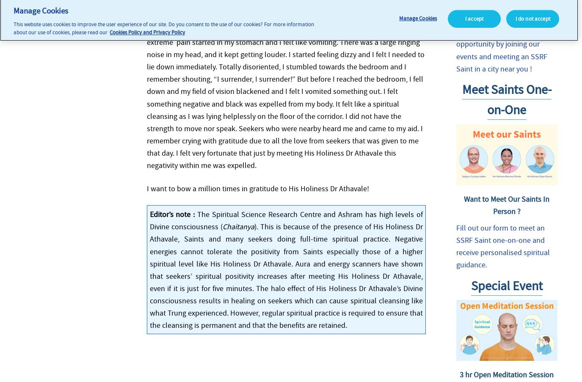 The width and height of the screenshot is (582, 382). I want to click on 'Want to Meet Our Saints In Person ?', so click(506, 205).